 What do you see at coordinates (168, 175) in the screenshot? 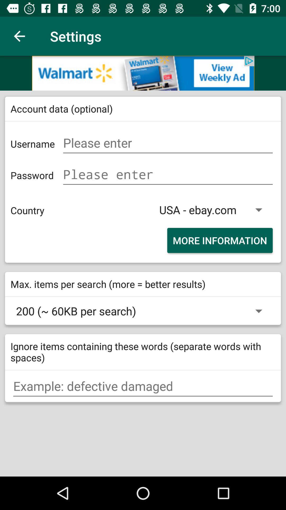
I see `password option` at bounding box center [168, 175].